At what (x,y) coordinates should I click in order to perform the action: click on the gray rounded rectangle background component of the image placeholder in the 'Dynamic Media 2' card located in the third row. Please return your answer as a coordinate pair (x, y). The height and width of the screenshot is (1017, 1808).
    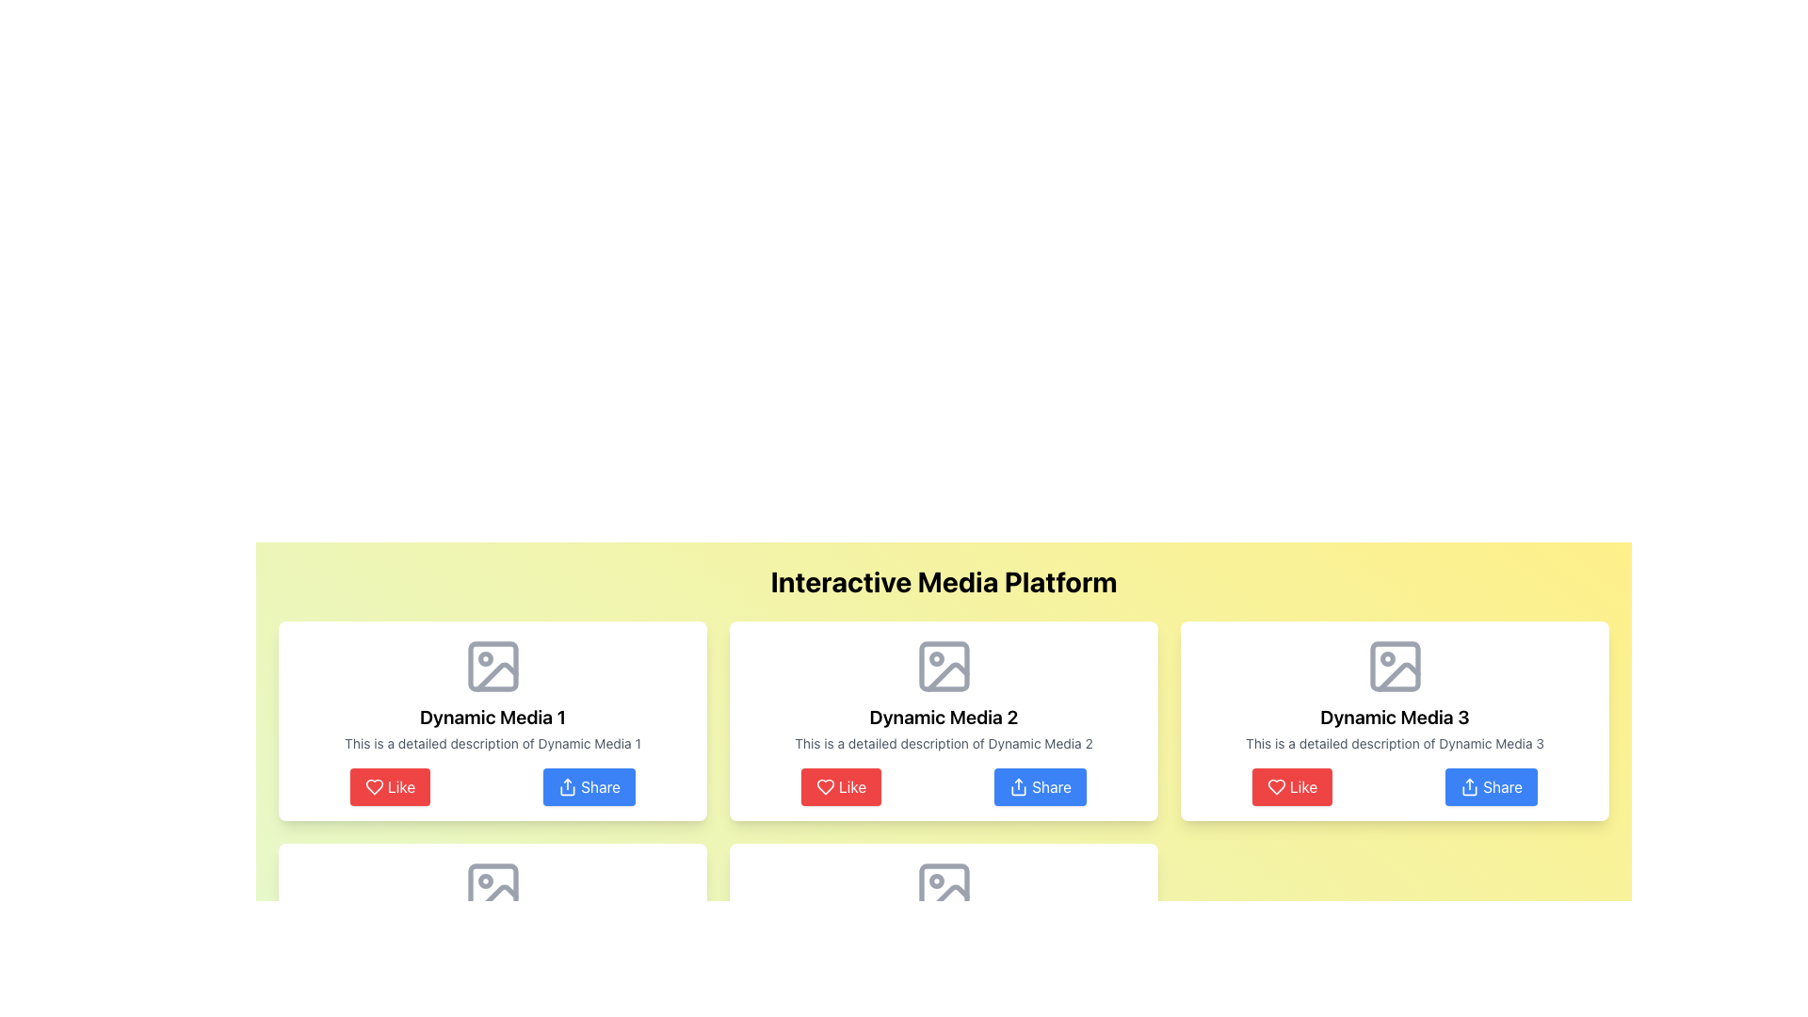
    Looking at the image, I should click on (944, 889).